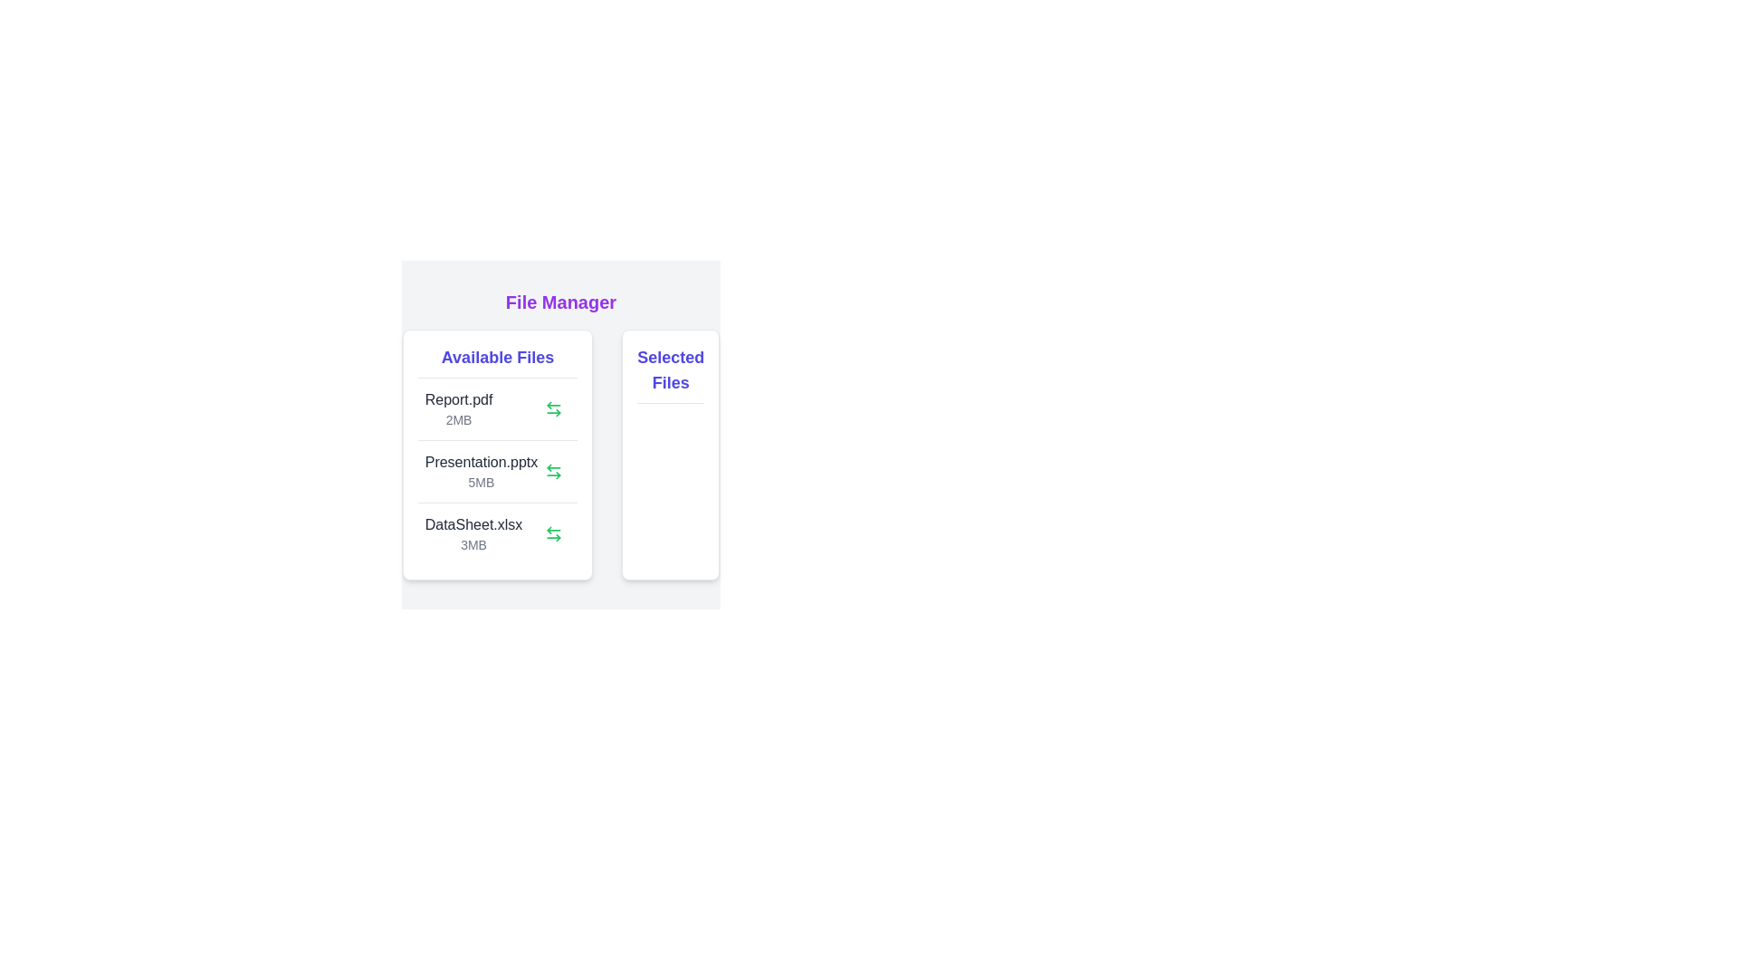  I want to click on file size information from the text label located beneath the file name 'DataSheet.xlsx' in the 'Available Files' area, so click(473, 543).